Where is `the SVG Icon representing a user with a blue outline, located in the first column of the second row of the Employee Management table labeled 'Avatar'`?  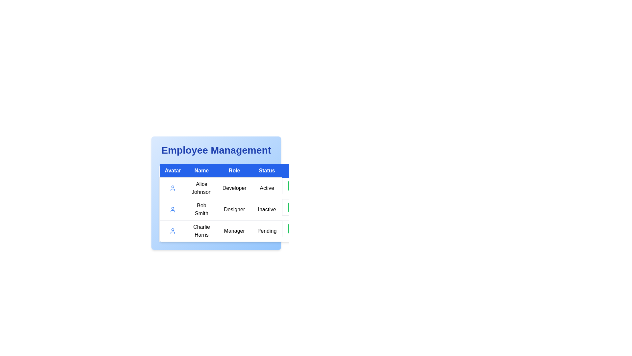 the SVG Icon representing a user with a blue outline, located in the first column of the second row of the Employee Management table labeled 'Avatar' is located at coordinates (173, 210).